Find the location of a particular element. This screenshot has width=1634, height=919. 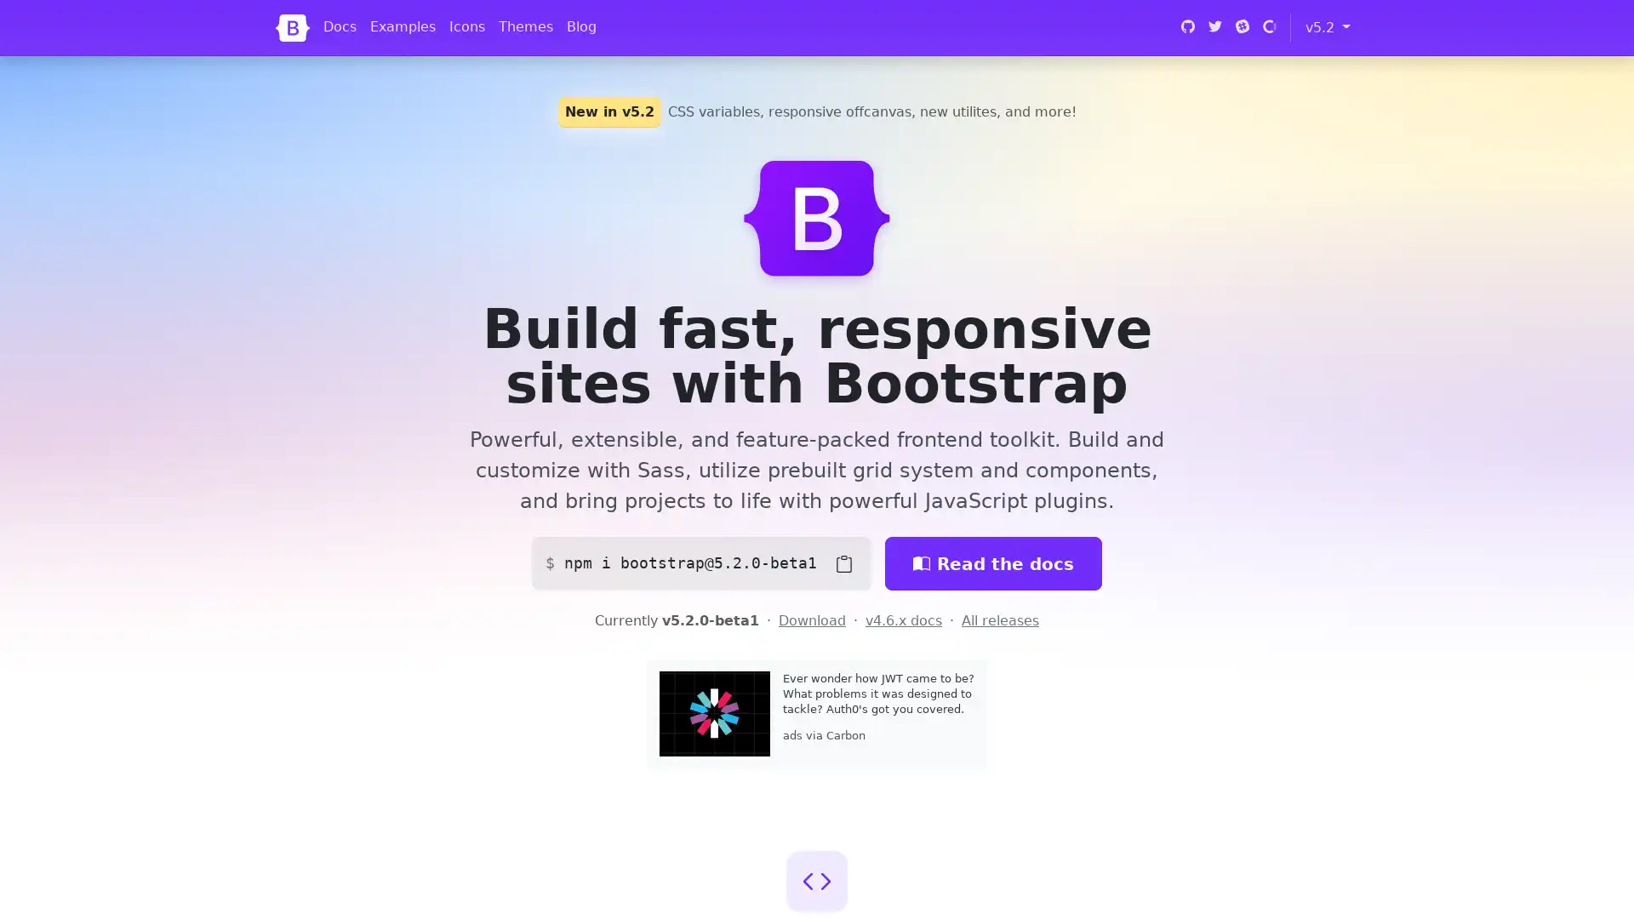

v5.2 is located at coordinates (1327, 28).